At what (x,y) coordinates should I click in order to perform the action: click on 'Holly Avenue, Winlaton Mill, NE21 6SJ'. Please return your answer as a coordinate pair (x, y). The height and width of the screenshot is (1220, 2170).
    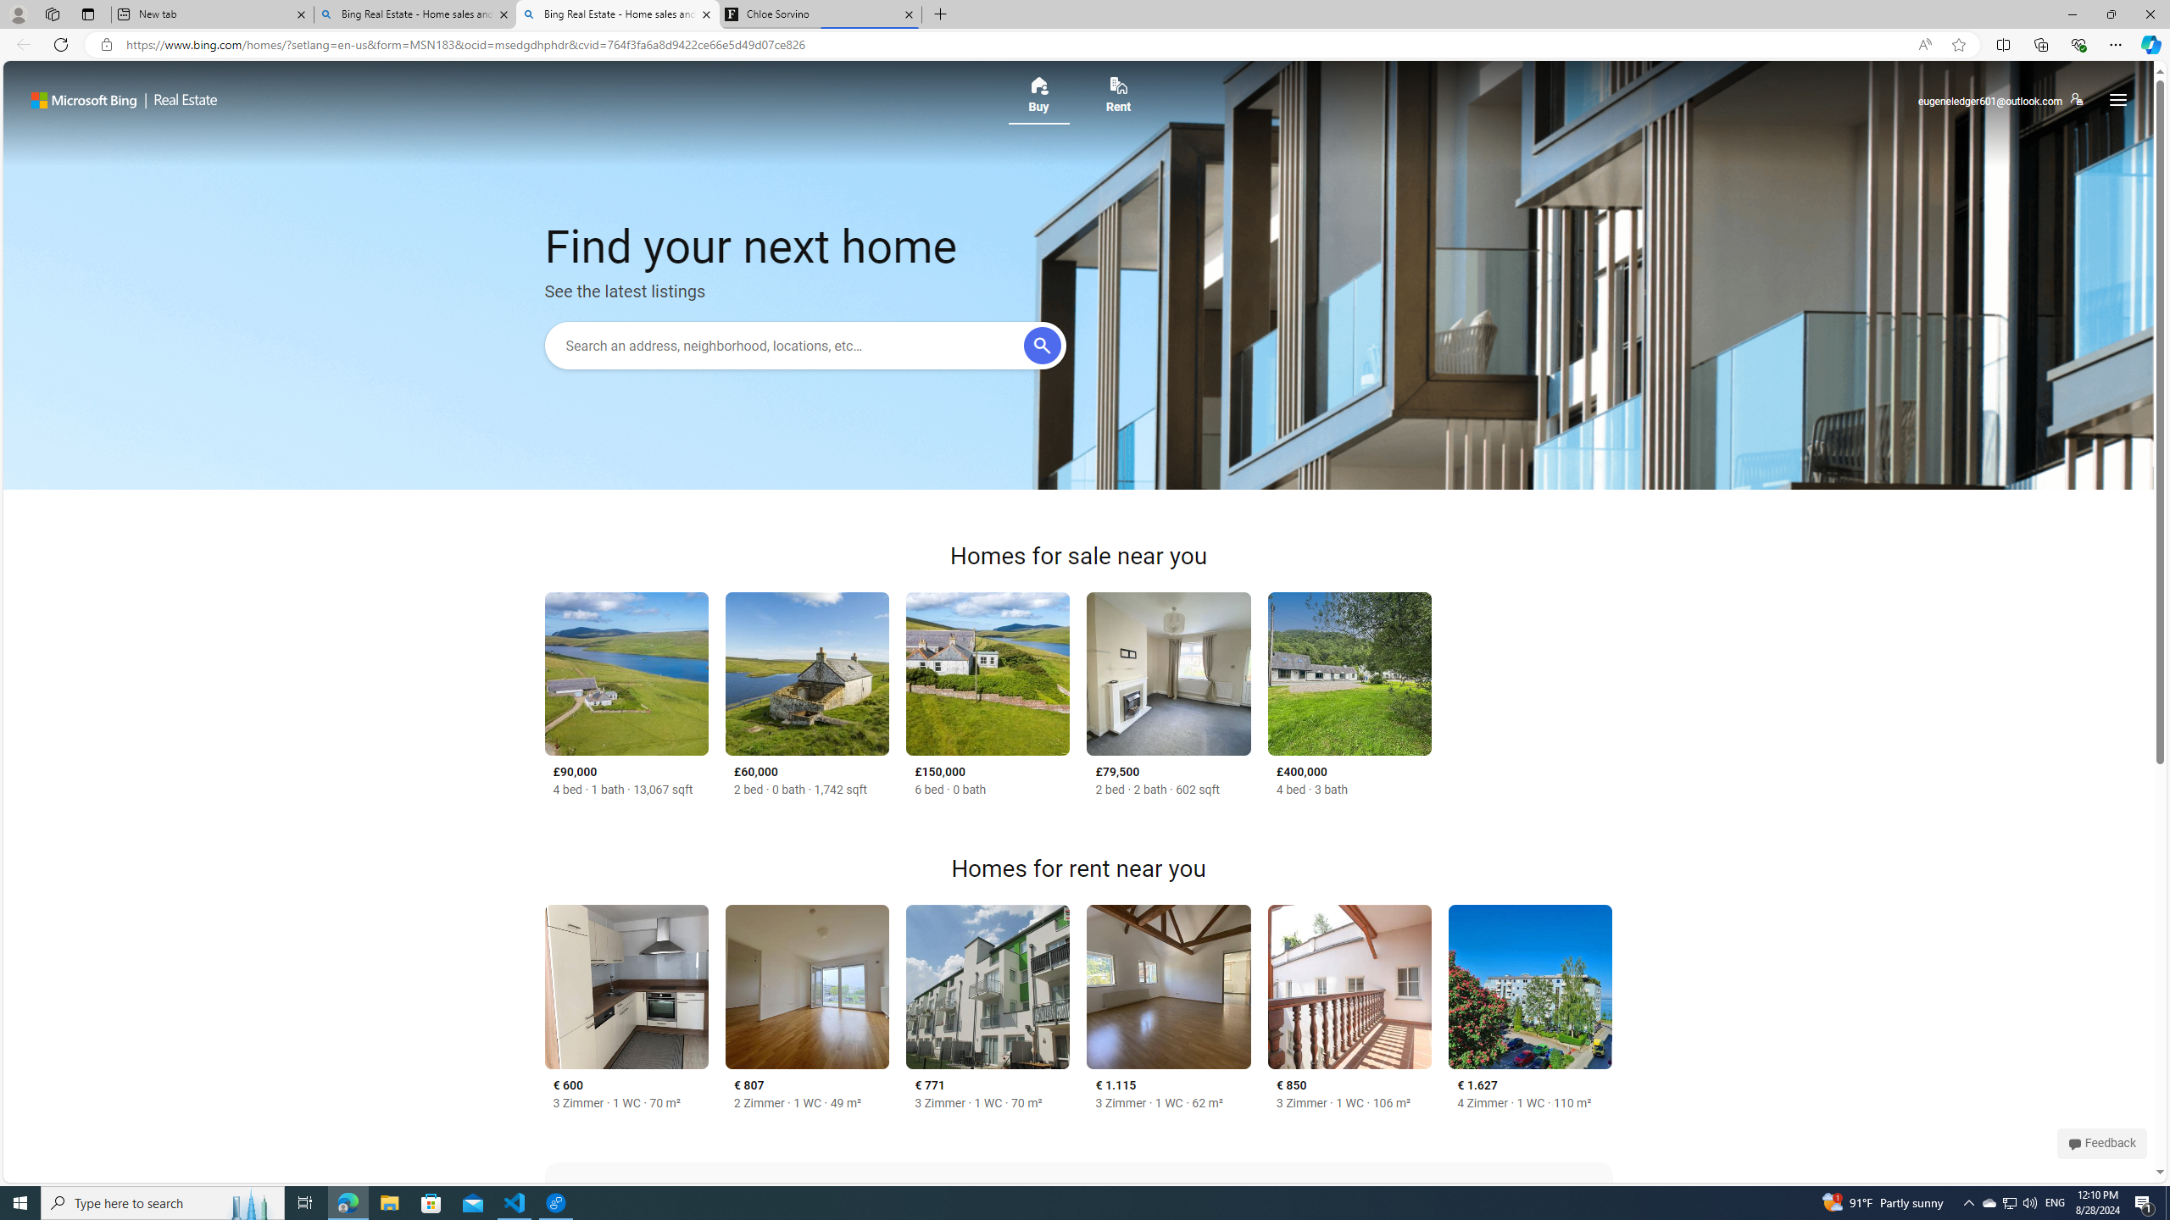
    Looking at the image, I should click on (1168, 673).